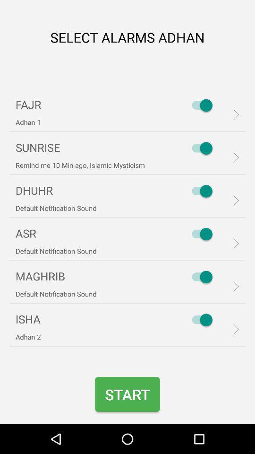 The height and width of the screenshot is (454, 255). I want to click on the item below default notification sound icon, so click(127, 394).